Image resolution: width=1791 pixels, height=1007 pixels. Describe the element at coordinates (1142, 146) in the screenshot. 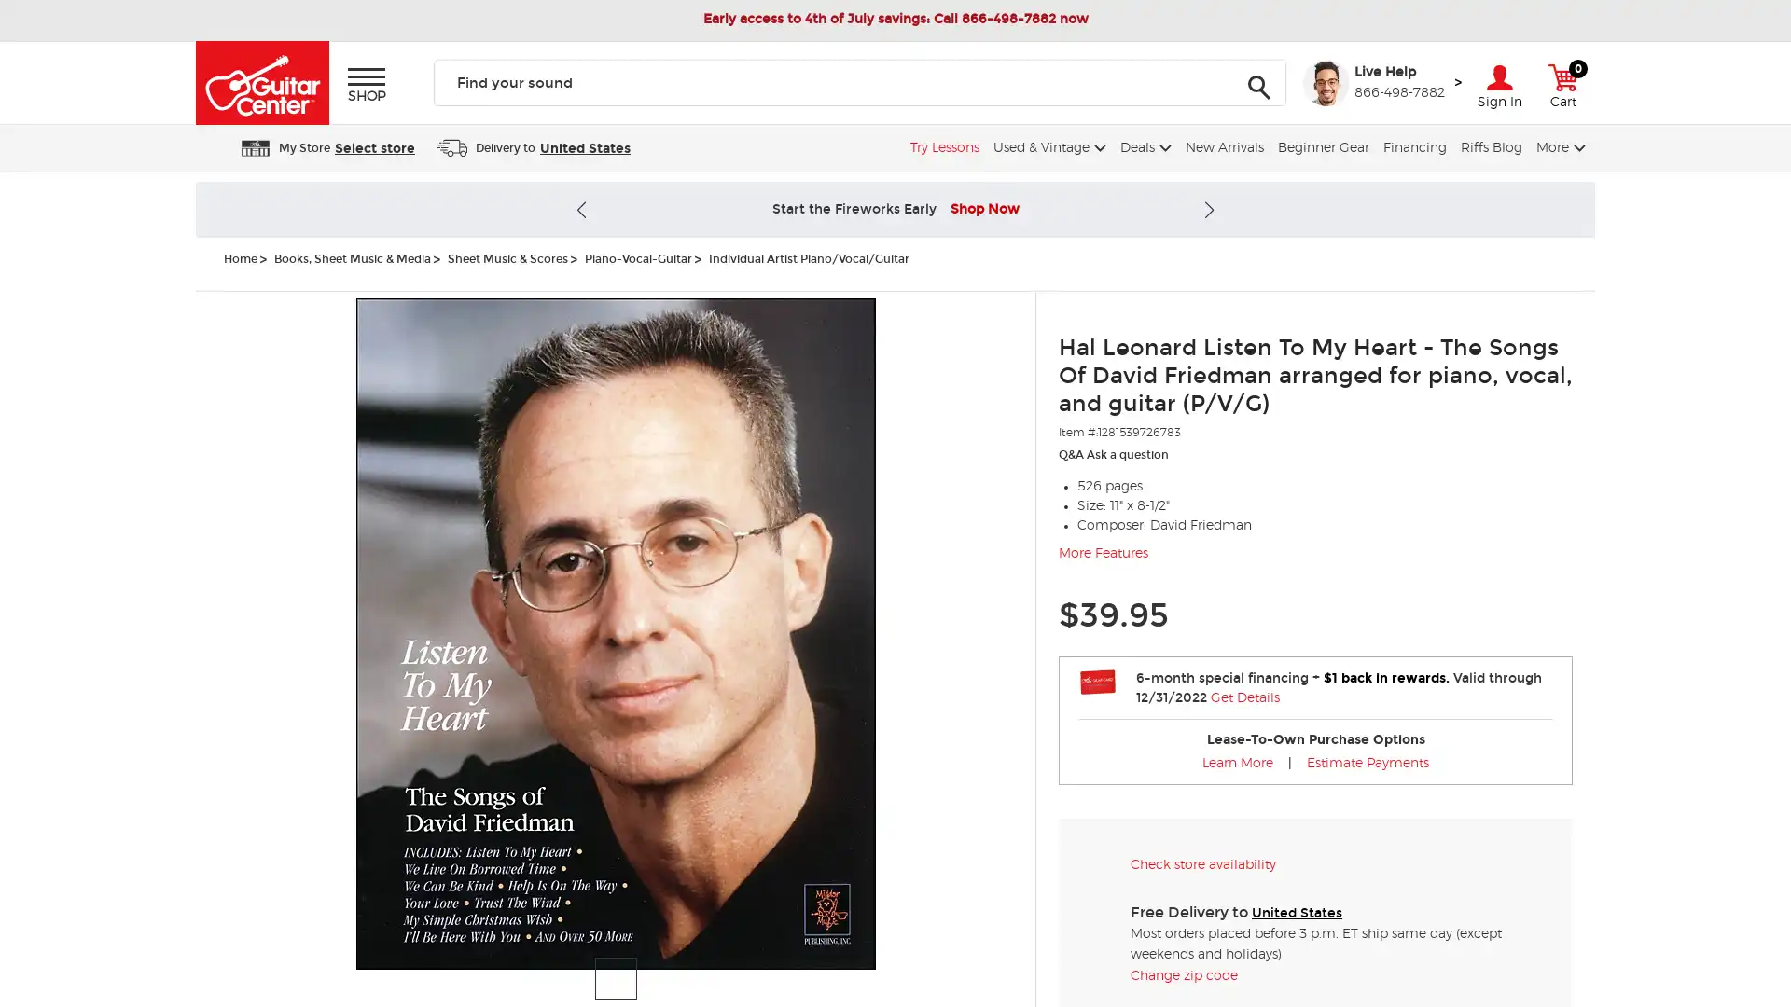

I see `Deals` at that location.